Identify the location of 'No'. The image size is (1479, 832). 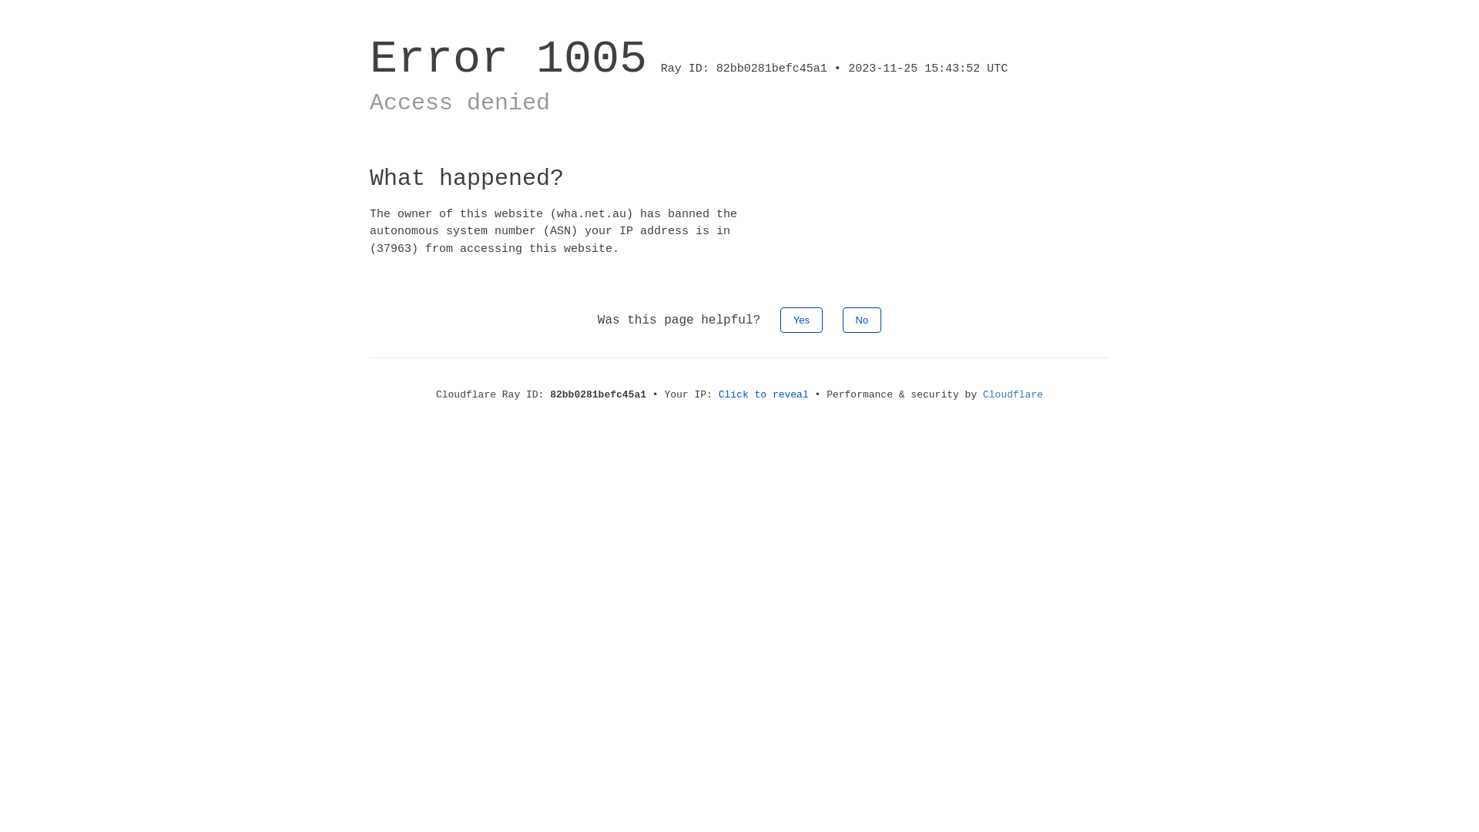
(842, 319).